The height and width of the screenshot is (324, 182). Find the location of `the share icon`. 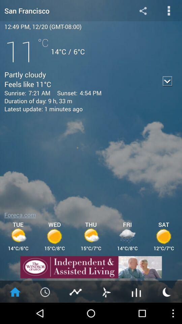

the share icon is located at coordinates (143, 11).